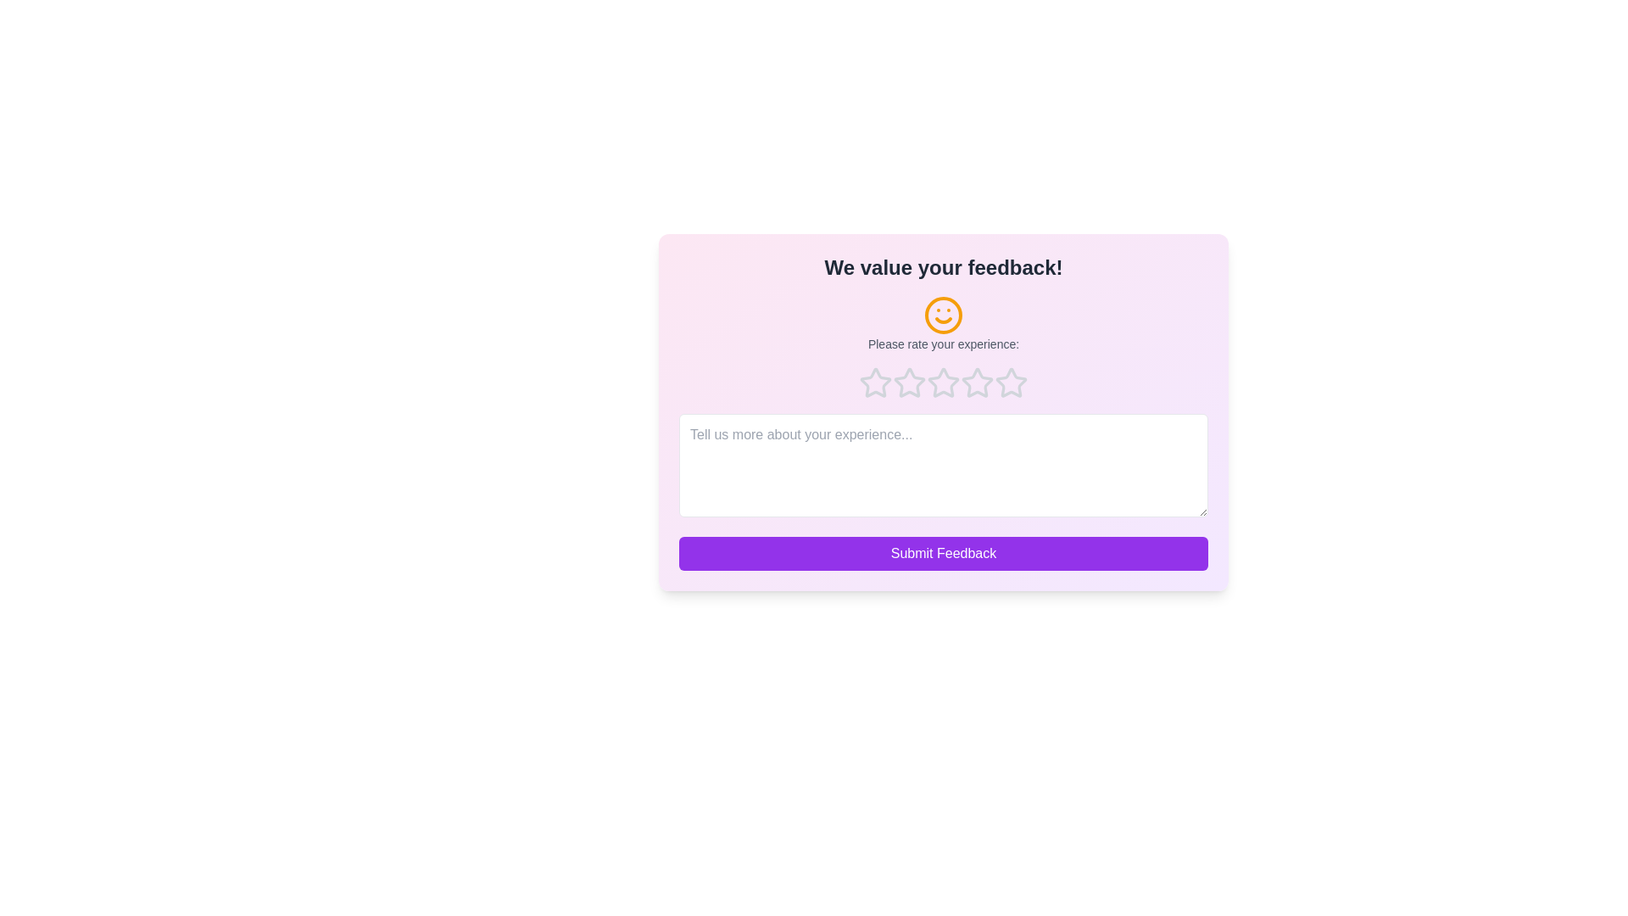 Image resolution: width=1628 pixels, height=916 pixels. What do you see at coordinates (977, 383) in the screenshot?
I see `the third star-shaped rating icon, which is gray and located below the heading 'Please rate your experience:'` at bounding box center [977, 383].